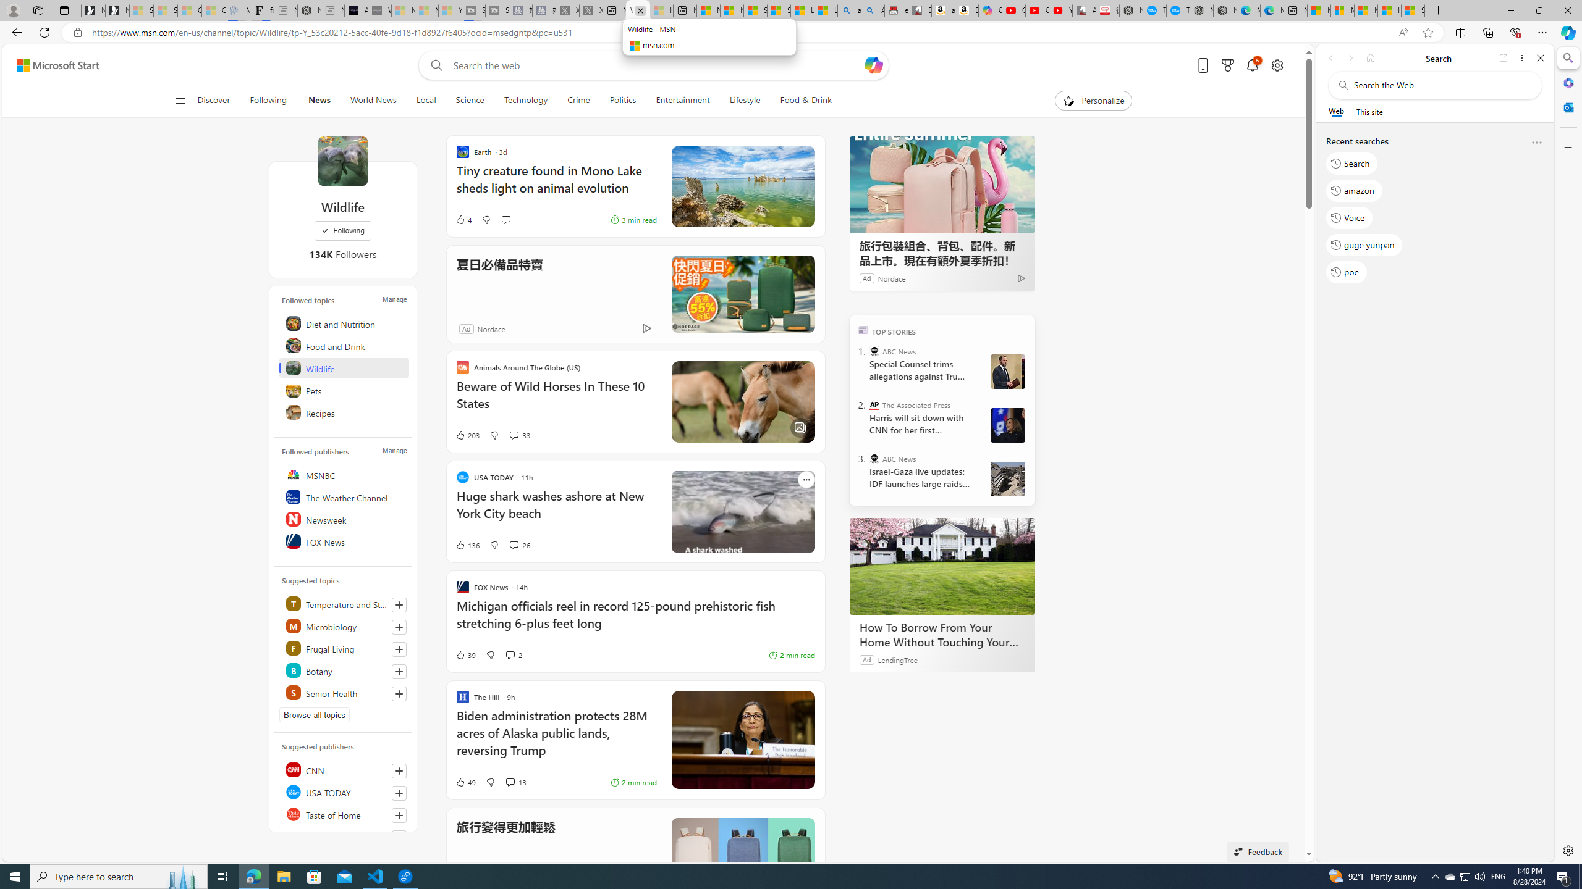  I want to click on 'Customize', so click(1567, 146).